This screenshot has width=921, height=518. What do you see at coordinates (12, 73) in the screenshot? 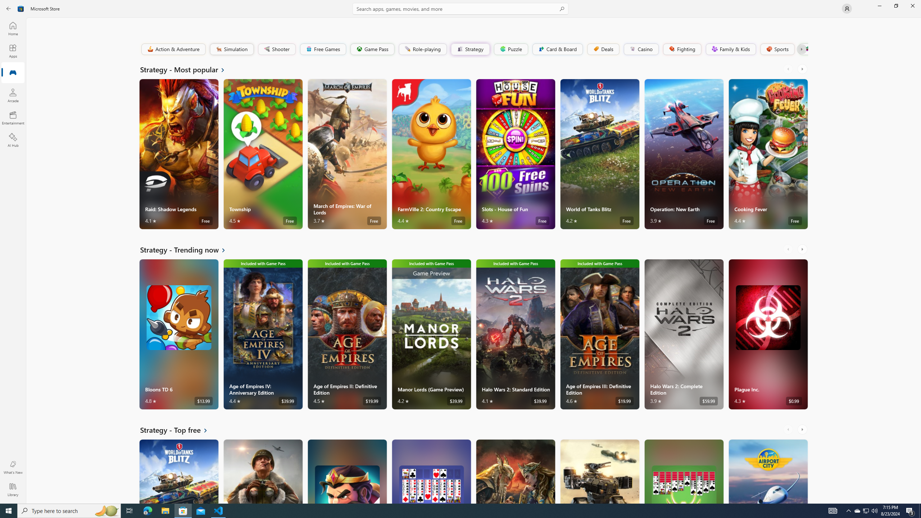
I see `'Gaming'` at bounding box center [12, 73].